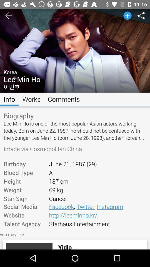 The width and height of the screenshot is (150, 267). Describe the element at coordinates (31, 99) in the screenshot. I see `the app next to the info item` at that location.